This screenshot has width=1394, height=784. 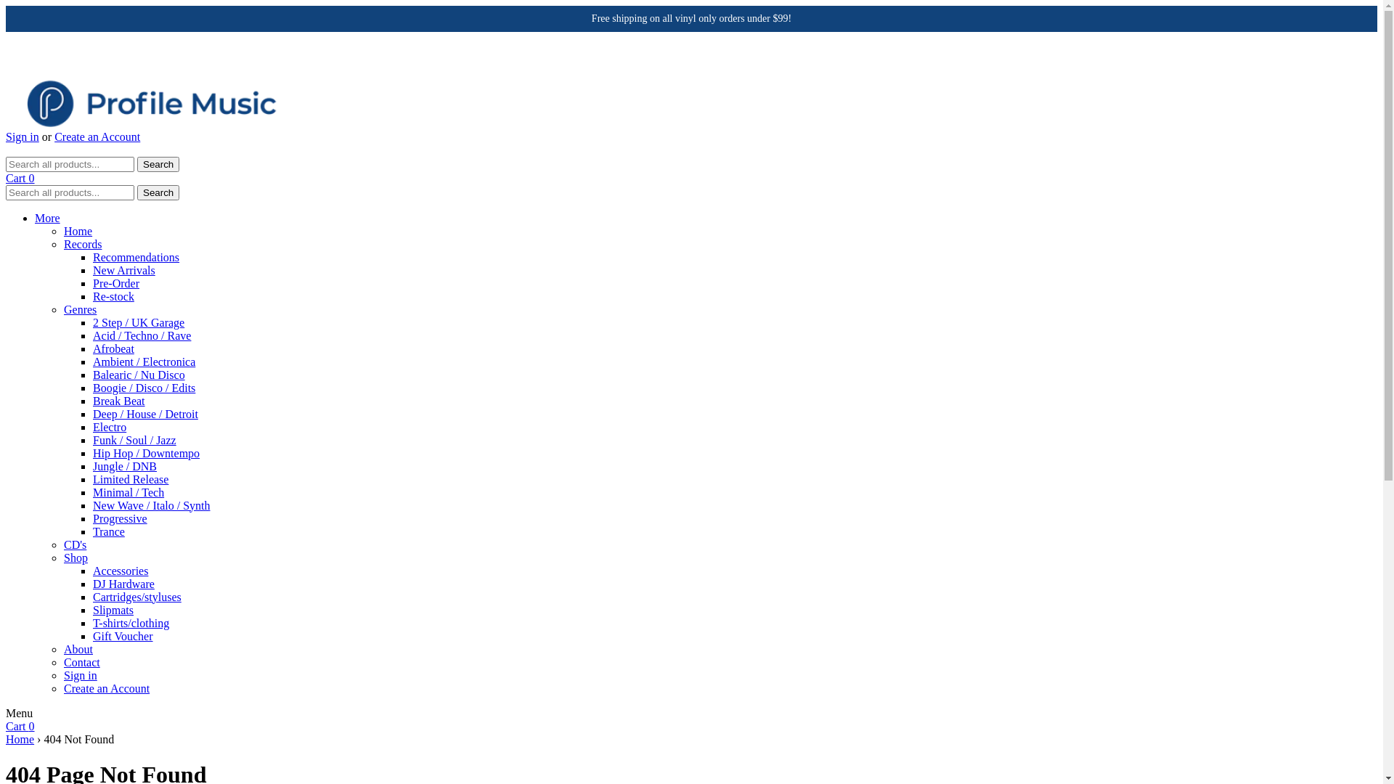 What do you see at coordinates (144, 387) in the screenshot?
I see `'Boogie / Disco / Edits'` at bounding box center [144, 387].